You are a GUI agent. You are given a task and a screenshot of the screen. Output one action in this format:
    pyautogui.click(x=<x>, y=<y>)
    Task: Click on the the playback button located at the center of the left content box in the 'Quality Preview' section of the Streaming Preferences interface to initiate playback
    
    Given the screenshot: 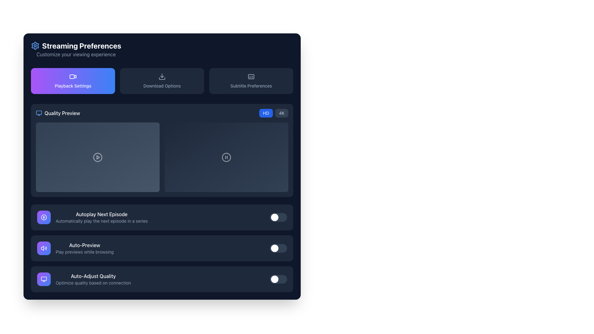 What is the action you would take?
    pyautogui.click(x=97, y=157)
    